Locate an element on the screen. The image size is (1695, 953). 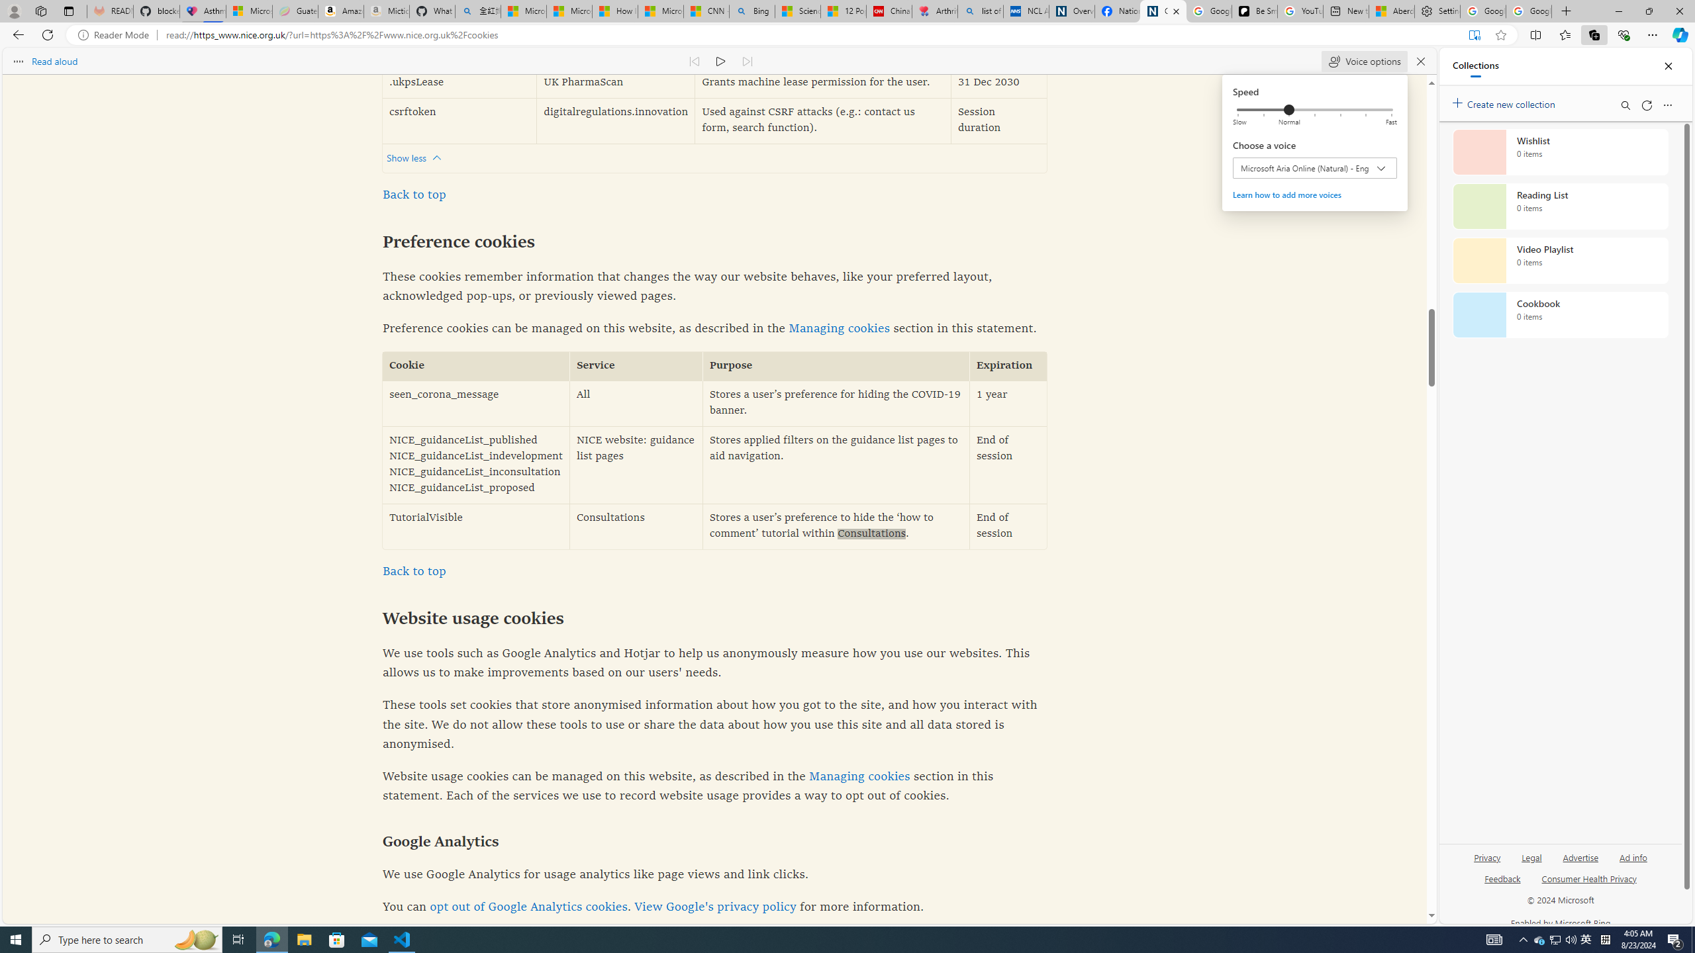
'Ad info' is located at coordinates (1633, 856).